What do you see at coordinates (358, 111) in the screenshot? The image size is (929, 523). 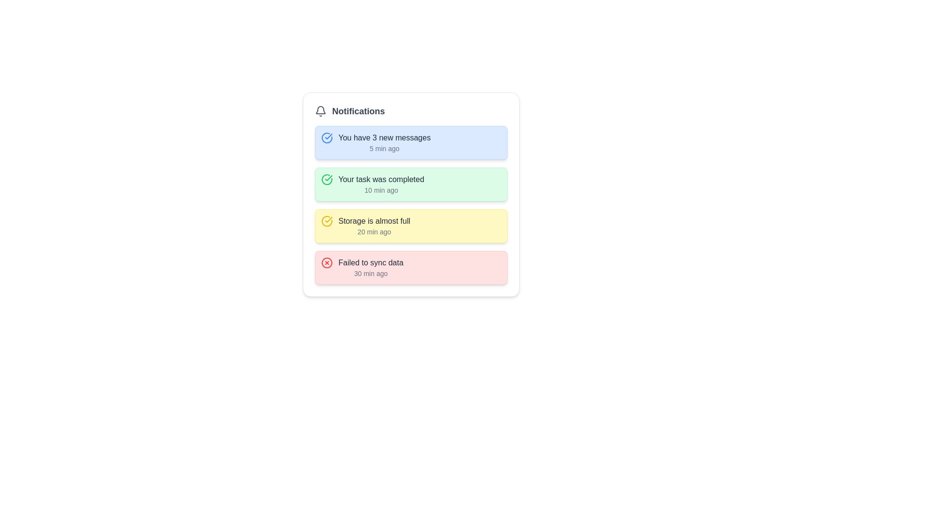 I see `the 'Notifications' text label, which serves as the title for the notification section and is located to the right of a bell icon` at bounding box center [358, 111].